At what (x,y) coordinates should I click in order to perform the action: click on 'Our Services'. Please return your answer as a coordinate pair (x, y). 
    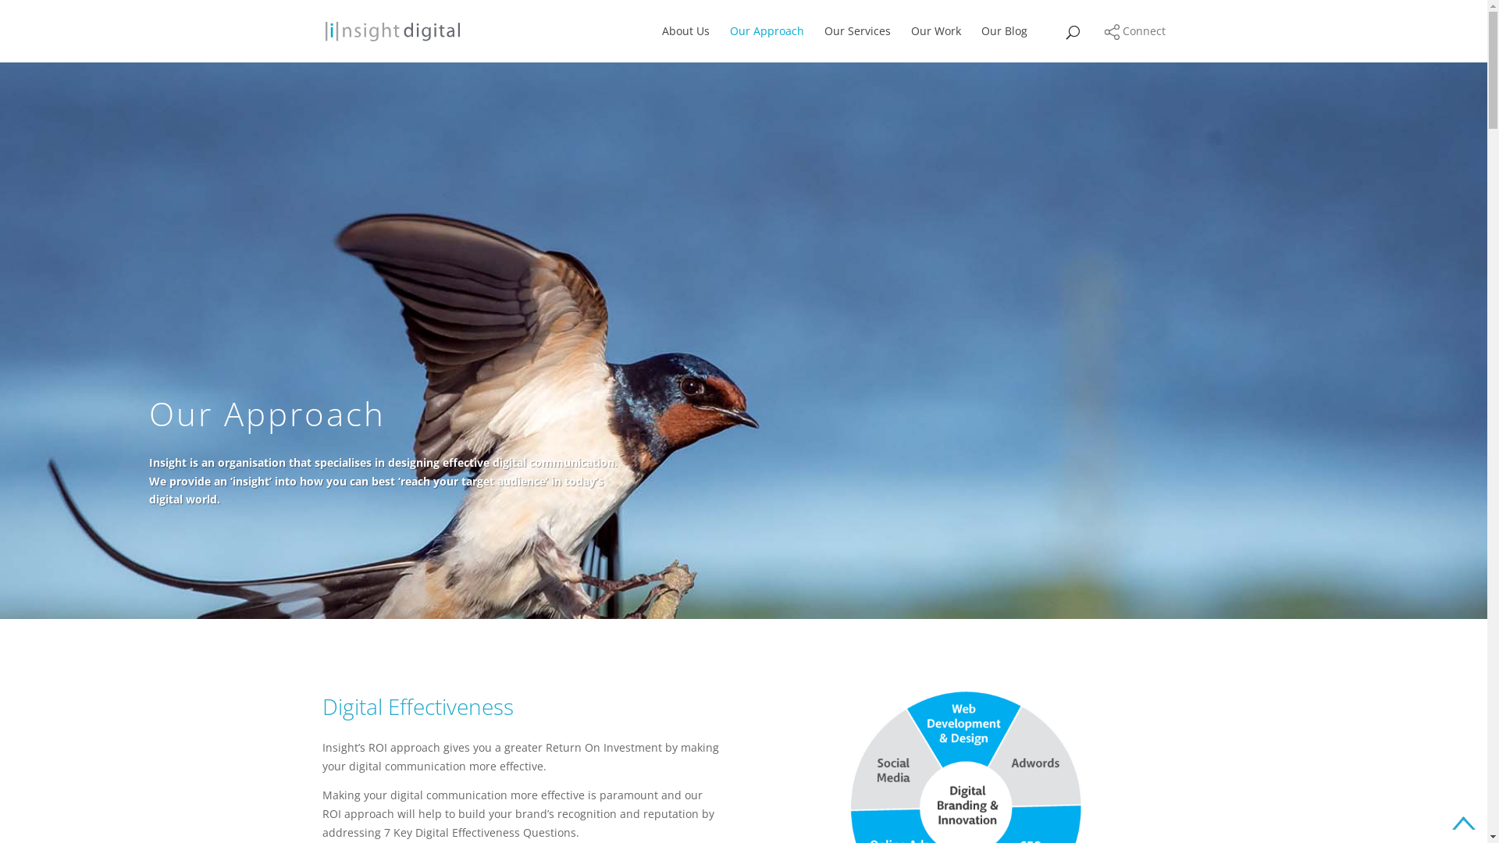
    Looking at the image, I should click on (856, 43).